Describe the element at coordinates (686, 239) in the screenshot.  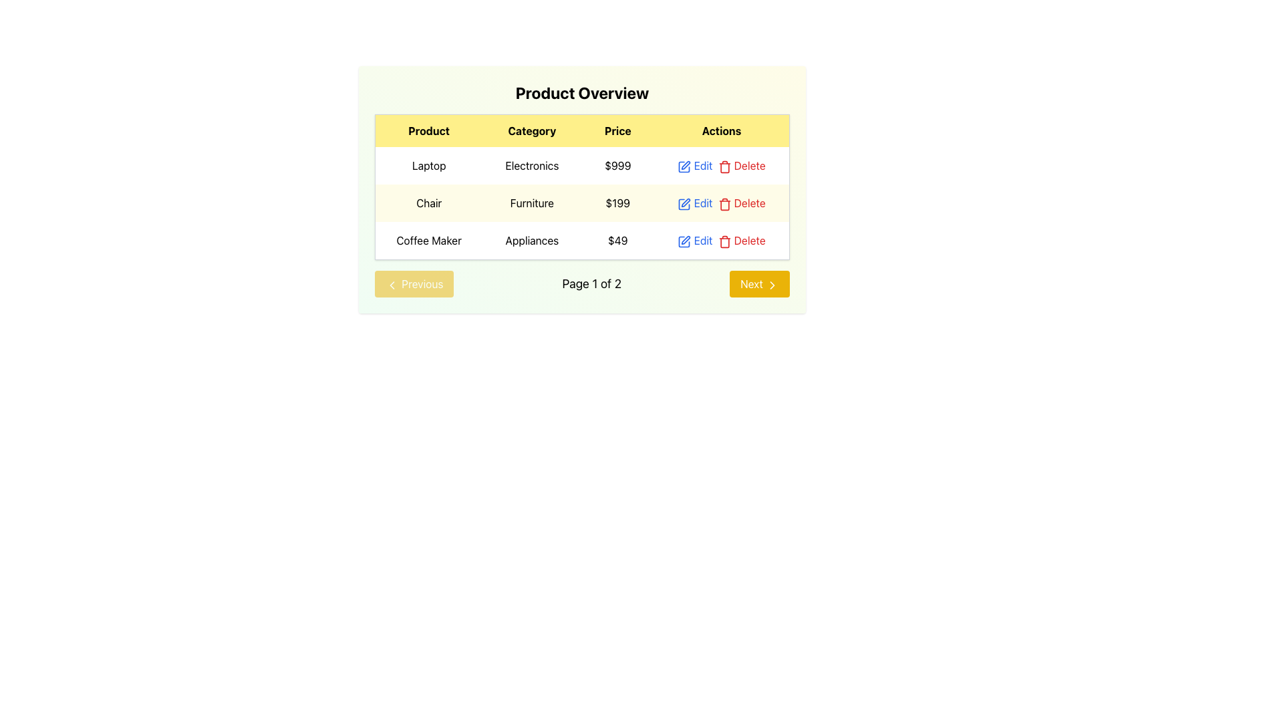
I see `the edit action button represented by a small pen icon in the 'Actions' column of the 'Coffee Maker' table row` at that location.